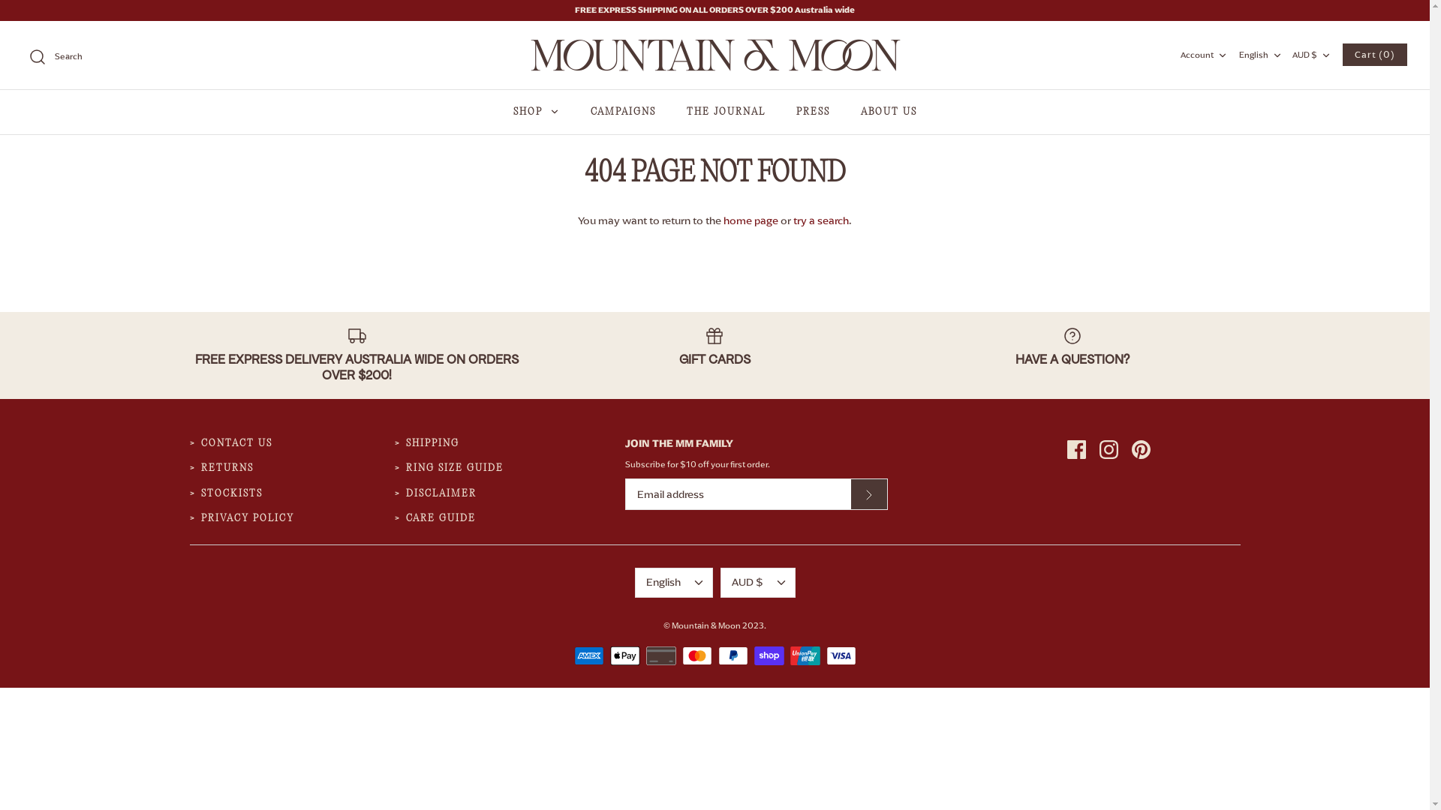 This screenshot has height=810, width=1441. I want to click on 'PRESS', so click(811, 112).